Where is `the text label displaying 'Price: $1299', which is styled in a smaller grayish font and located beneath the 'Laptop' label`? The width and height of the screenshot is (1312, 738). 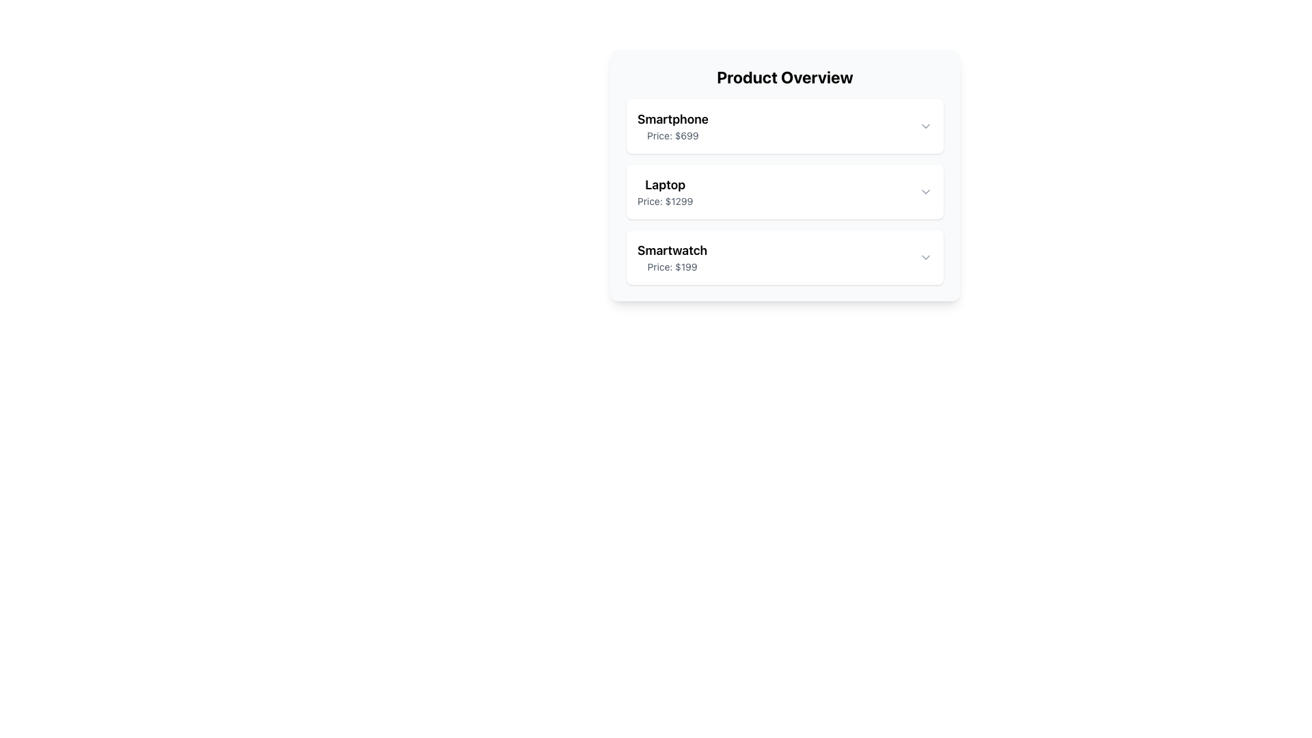
the text label displaying 'Price: $1299', which is styled in a smaller grayish font and located beneath the 'Laptop' label is located at coordinates (665, 201).